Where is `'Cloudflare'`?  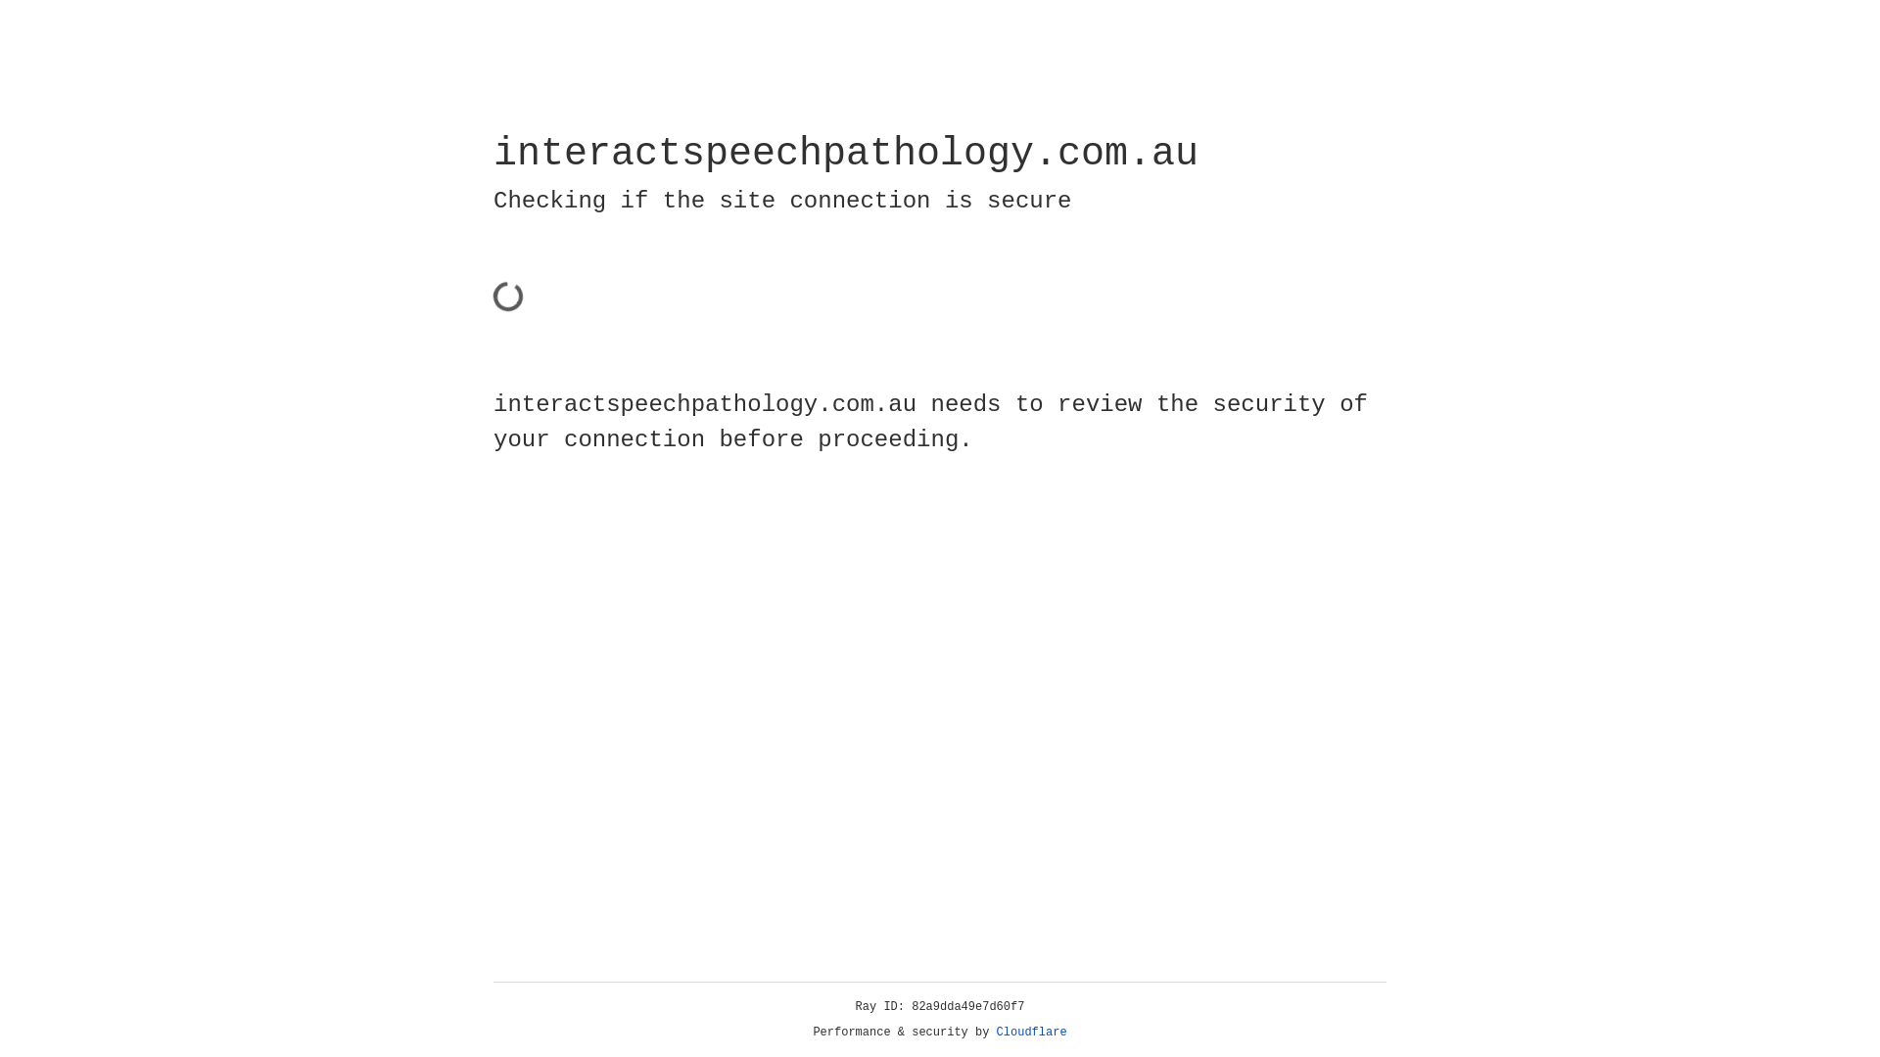
'Cloudflare' is located at coordinates (996, 1032).